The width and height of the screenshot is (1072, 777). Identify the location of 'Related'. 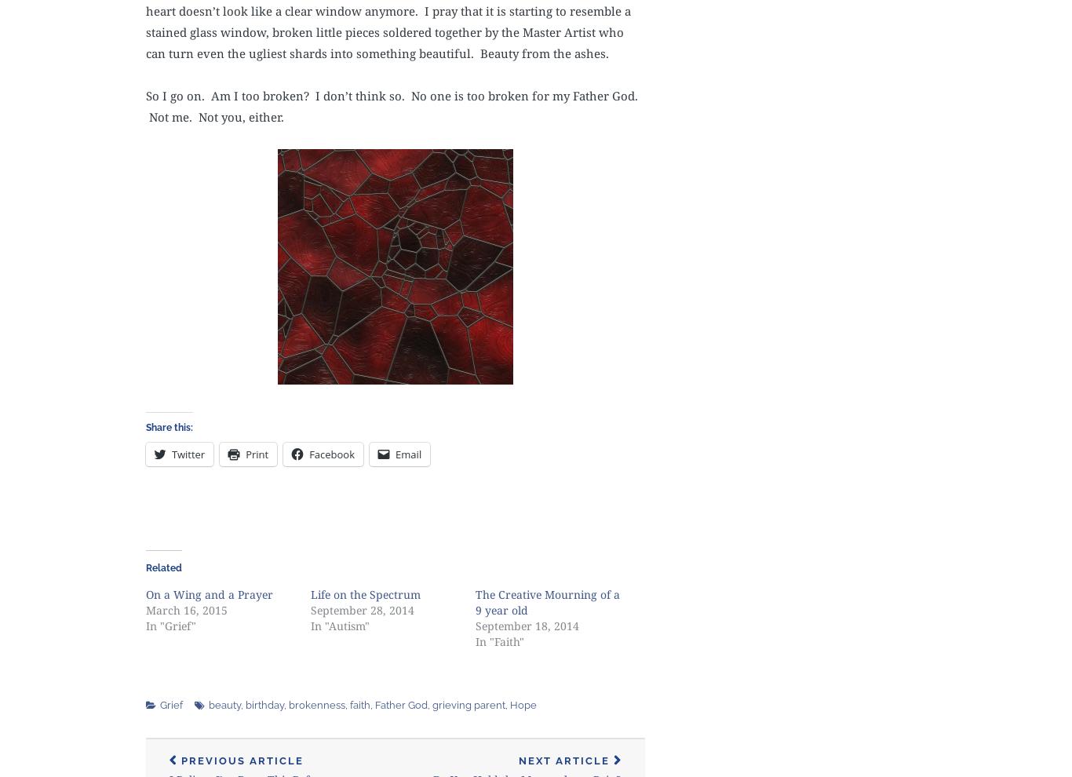
(162, 567).